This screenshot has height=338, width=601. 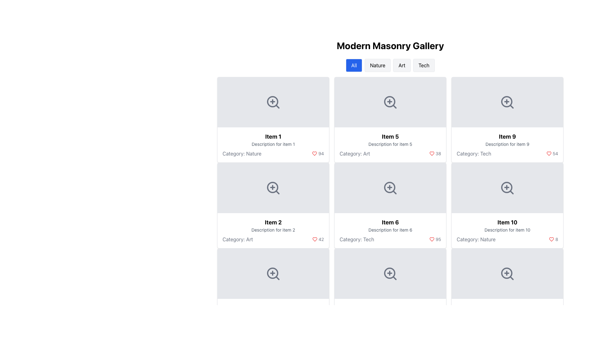 I want to click on the red heart-shaped icon representing the 'like' feature located next to the text '94' at the bottom right corner of the 'Item 1' card in the gallery layout, so click(x=315, y=153).